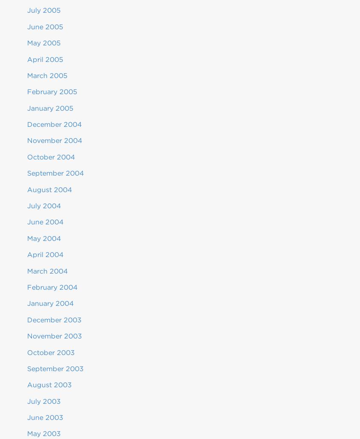 The image size is (360, 439). I want to click on 'March 2005', so click(47, 75).